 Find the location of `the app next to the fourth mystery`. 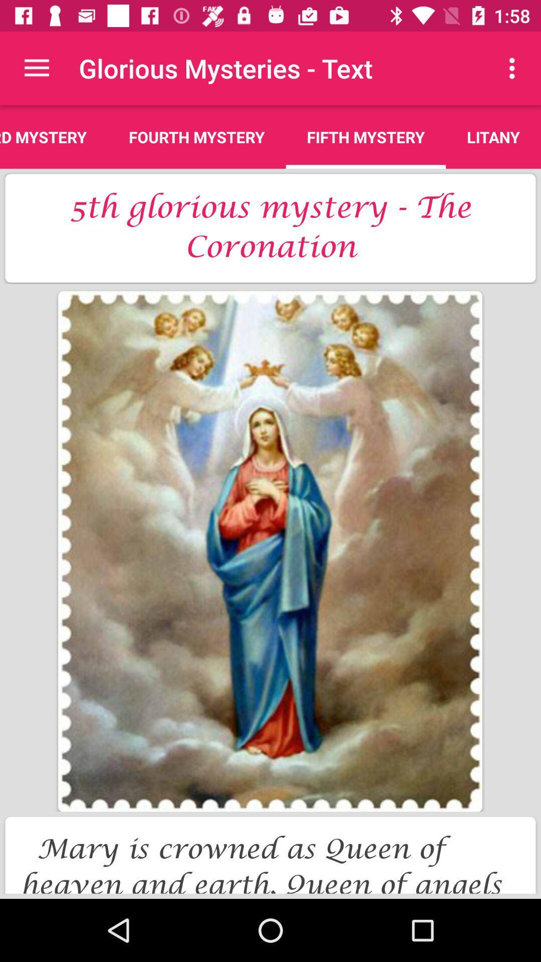

the app next to the fourth mystery is located at coordinates (366, 136).